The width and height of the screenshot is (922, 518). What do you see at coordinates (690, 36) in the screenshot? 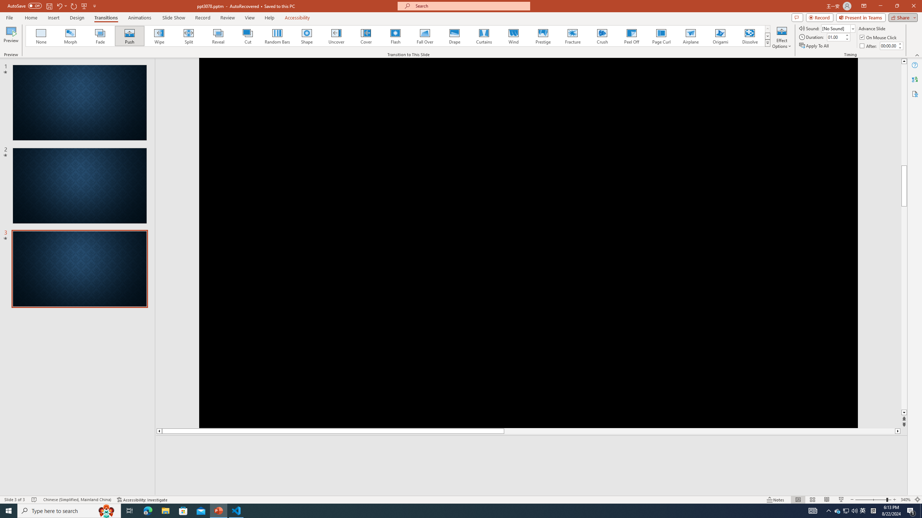
I see `'Airplane'` at bounding box center [690, 36].